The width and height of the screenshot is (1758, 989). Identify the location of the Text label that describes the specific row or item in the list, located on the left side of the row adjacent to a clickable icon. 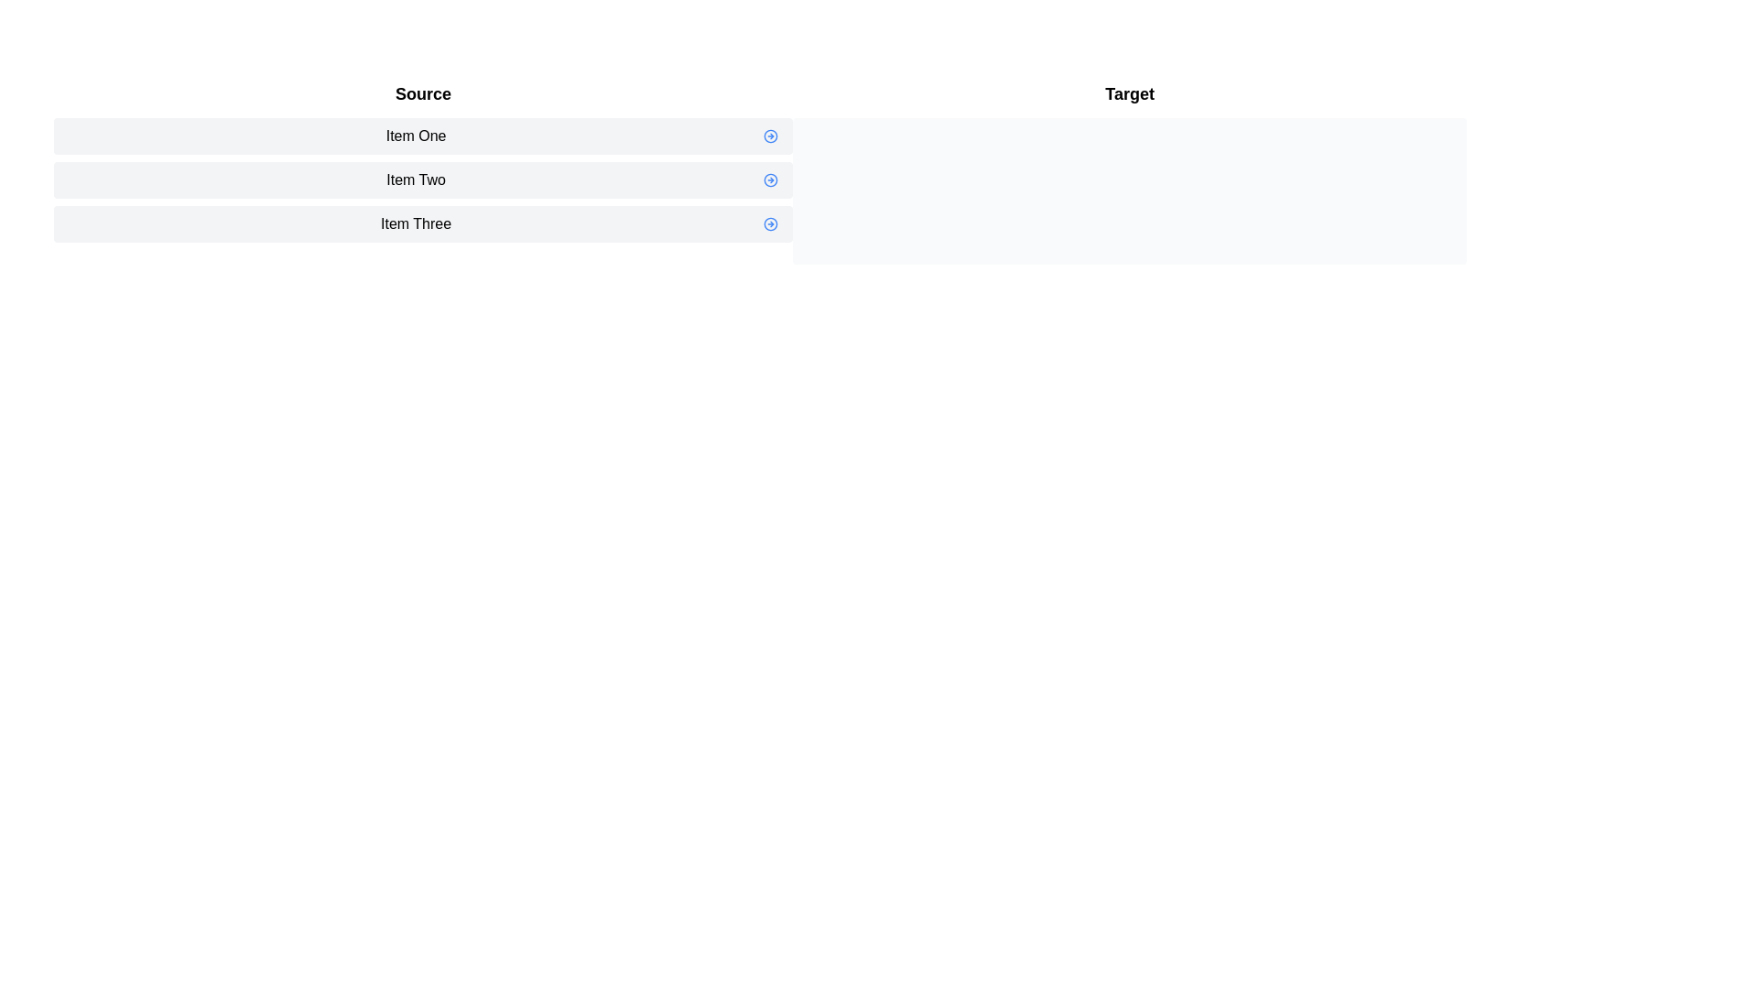
(415, 136).